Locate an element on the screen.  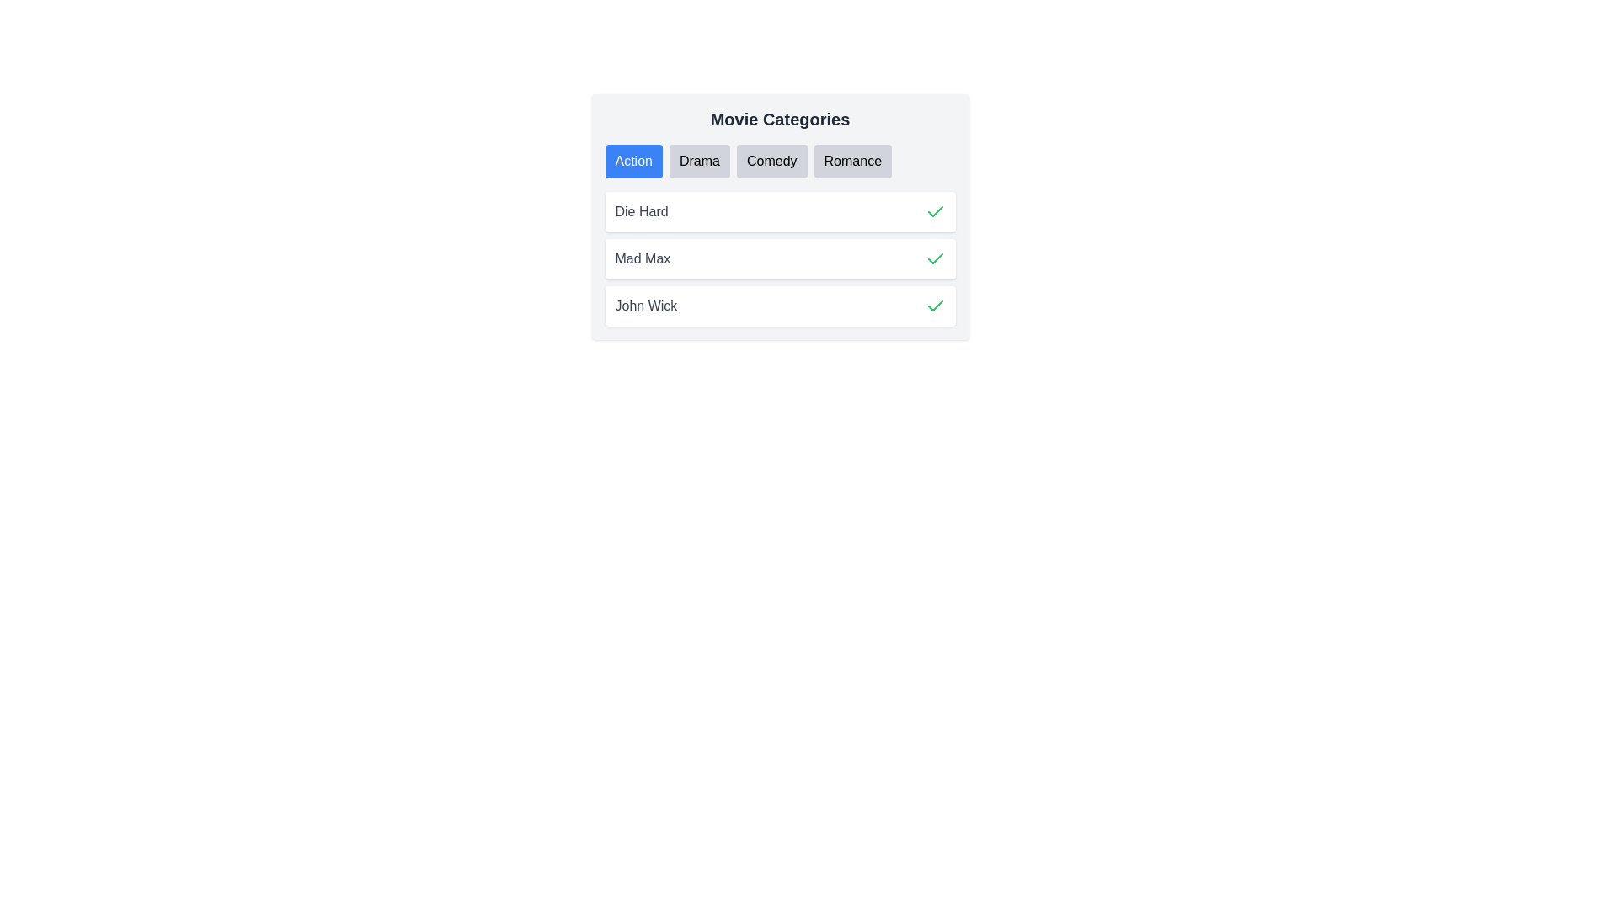
the segments of the segmented control located in the 'Movie Categories' panel is located at coordinates (779, 162).